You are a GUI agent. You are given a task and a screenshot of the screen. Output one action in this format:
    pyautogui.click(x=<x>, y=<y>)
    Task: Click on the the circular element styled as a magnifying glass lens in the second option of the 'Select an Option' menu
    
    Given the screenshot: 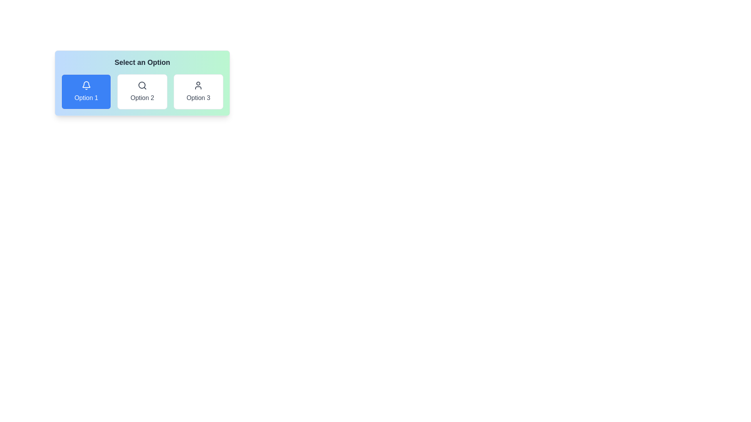 What is the action you would take?
    pyautogui.click(x=142, y=85)
    